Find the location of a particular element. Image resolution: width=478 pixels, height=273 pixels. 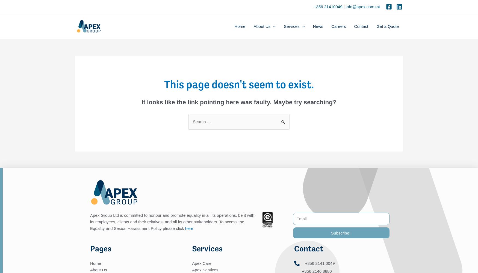

'here' is located at coordinates (189, 228).